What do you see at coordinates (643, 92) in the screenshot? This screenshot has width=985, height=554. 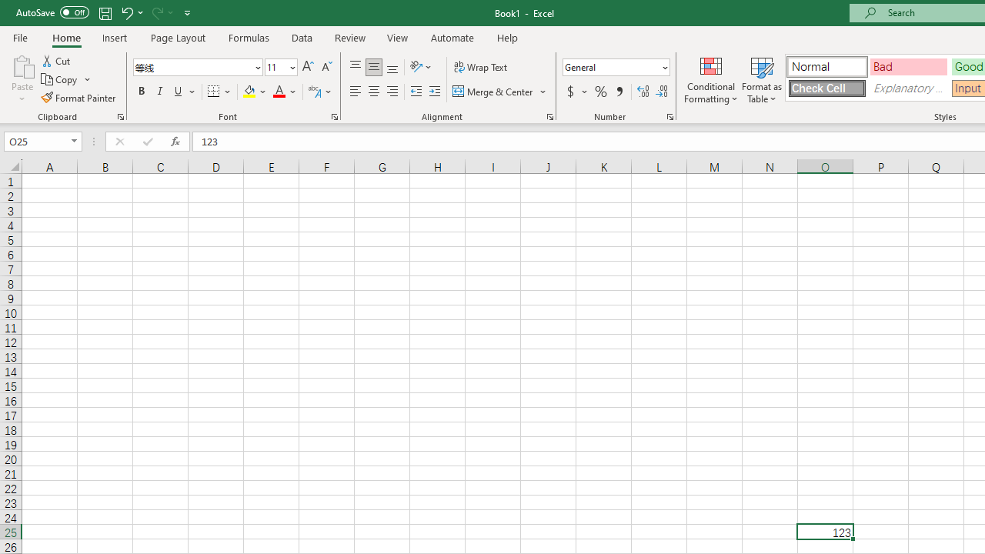 I see `'Increase Decimal'` at bounding box center [643, 92].